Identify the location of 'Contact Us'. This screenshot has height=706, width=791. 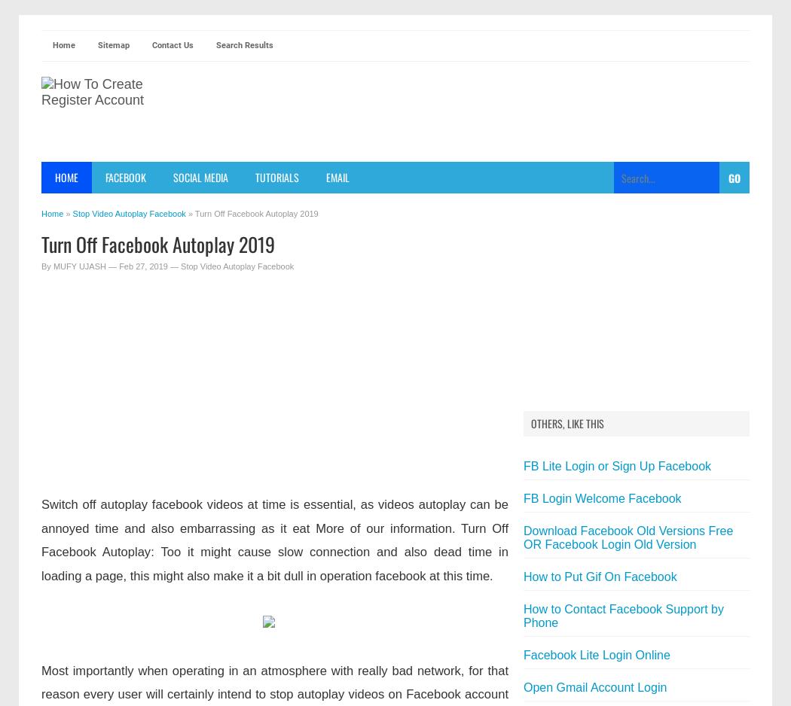
(173, 44).